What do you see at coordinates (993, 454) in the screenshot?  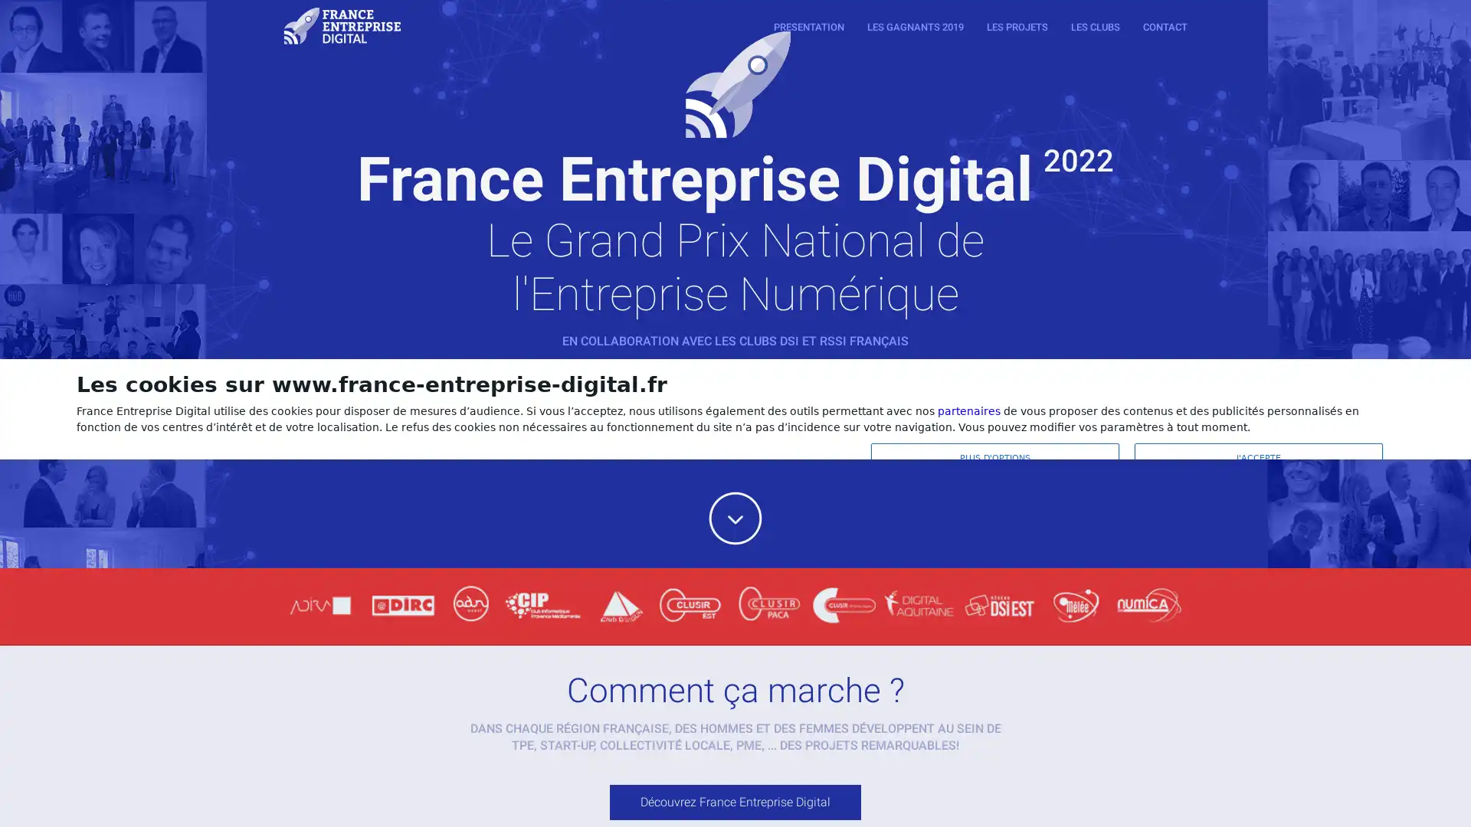 I see `PLUS D'OPTIONS` at bounding box center [993, 454].